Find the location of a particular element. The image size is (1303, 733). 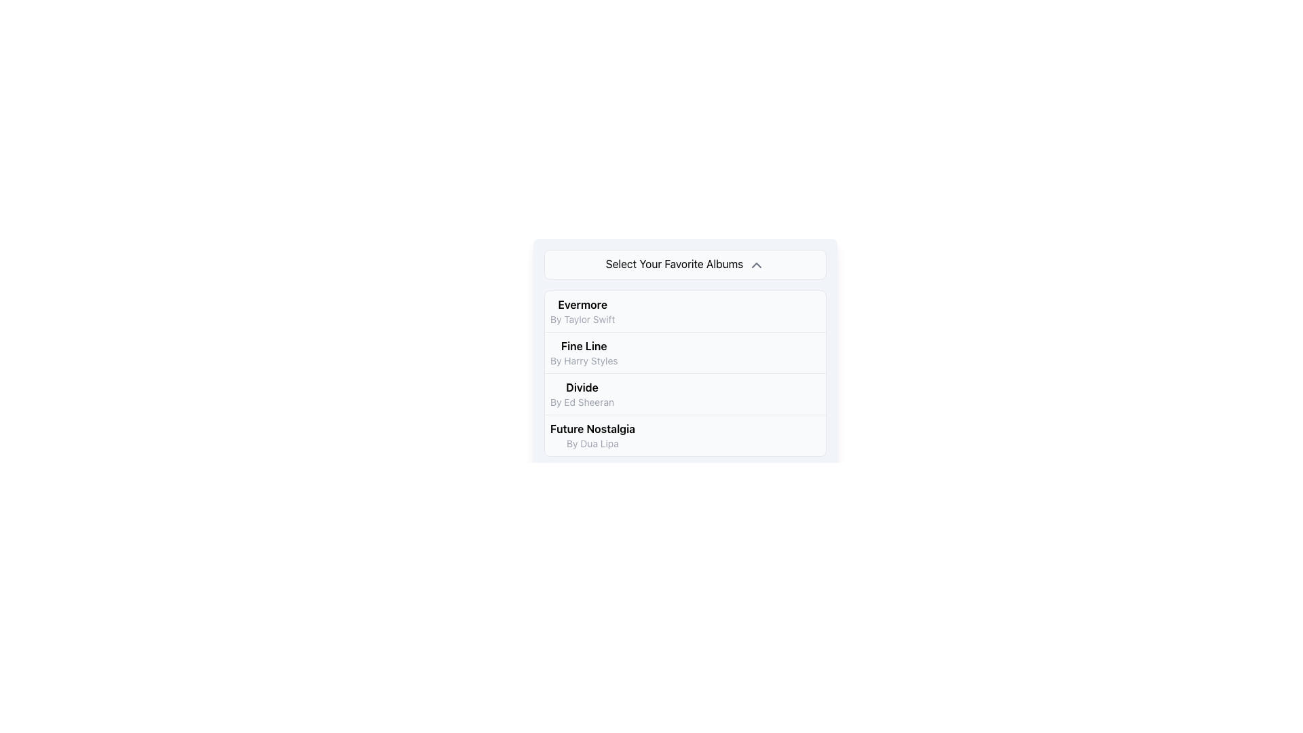

the second item in the list under 'Select Your Favorite Albums', positioned between 'Evermore' and 'Divide' is located at coordinates (685, 352).